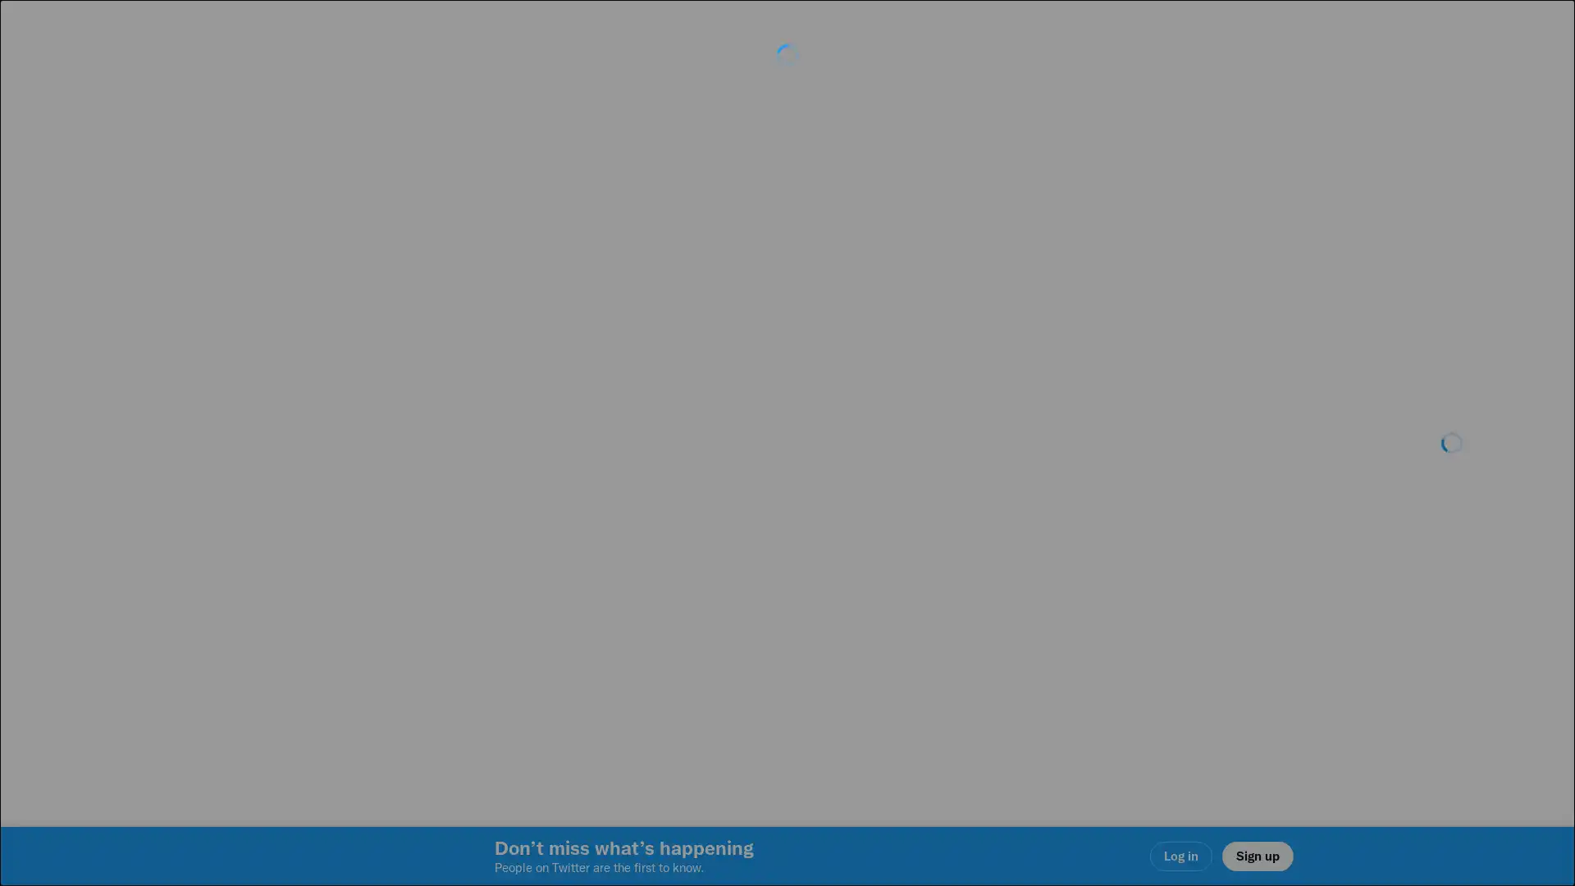 This screenshot has height=886, width=1575. Describe the element at coordinates (984, 559) in the screenshot. I see `Log in` at that location.